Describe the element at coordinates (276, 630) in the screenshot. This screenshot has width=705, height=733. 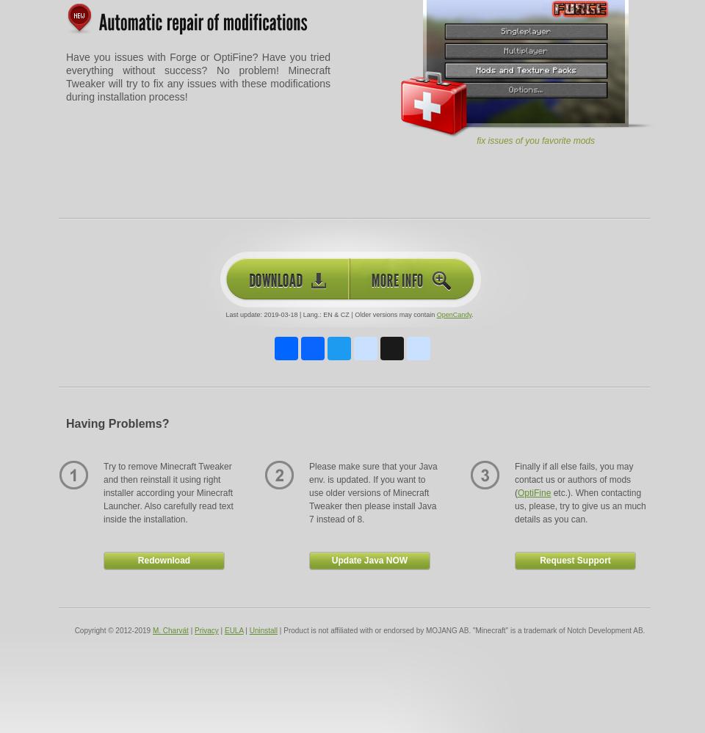
I see `'| Product is not affiliated with or endorsed by MOJANG AB. "Minecraft" is a trademark of Notch Development AB.'` at that location.